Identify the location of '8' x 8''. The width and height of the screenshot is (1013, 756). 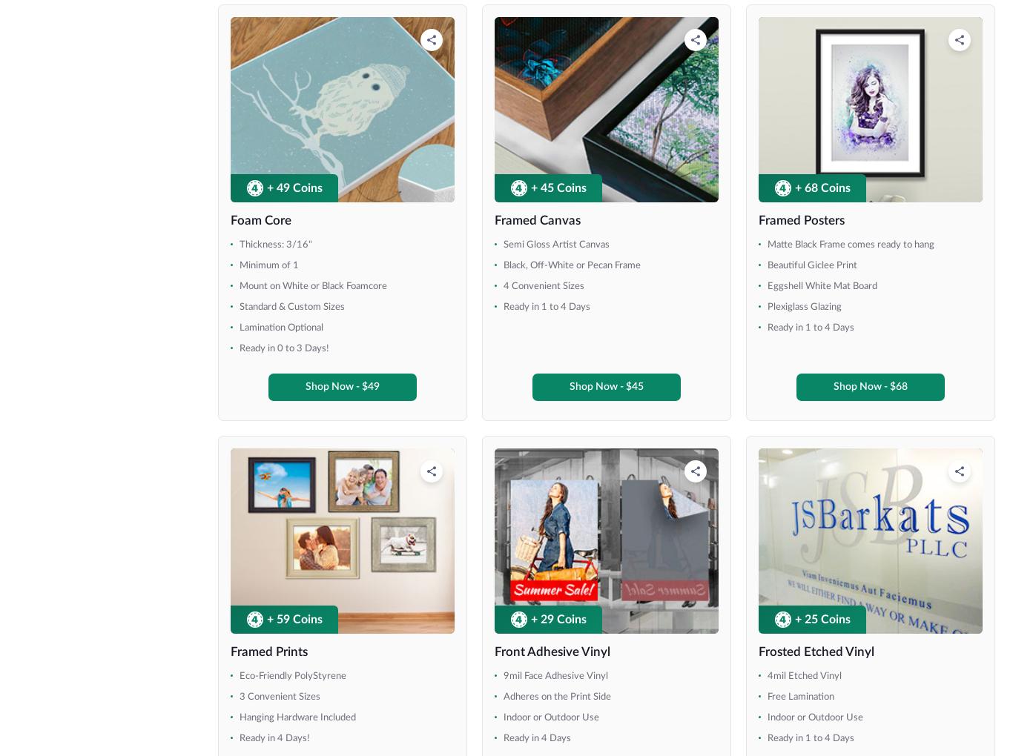
(53, 91).